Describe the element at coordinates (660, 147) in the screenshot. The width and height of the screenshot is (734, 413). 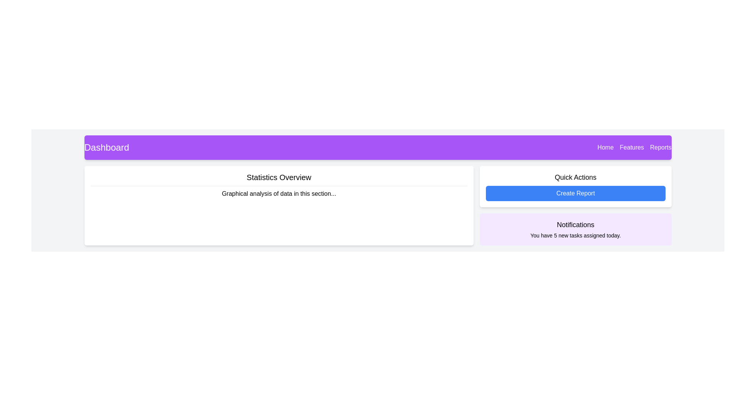
I see `the navigational text label in the top navigation bar that directs users to the reports section` at that location.